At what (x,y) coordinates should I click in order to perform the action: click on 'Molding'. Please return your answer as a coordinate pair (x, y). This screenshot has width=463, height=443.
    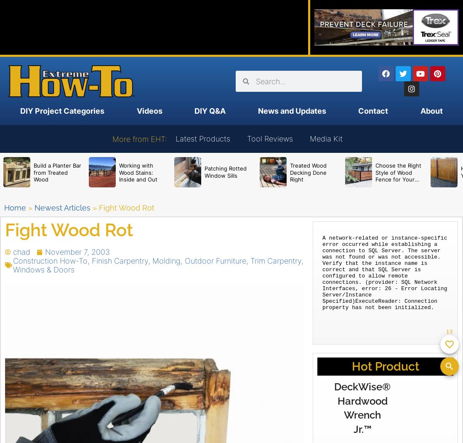
    Looking at the image, I should click on (166, 261).